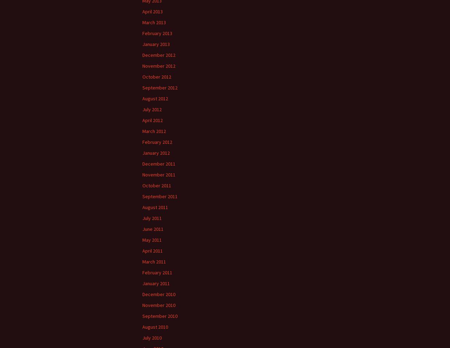 The height and width of the screenshot is (348, 450). What do you see at coordinates (158, 65) in the screenshot?
I see `'November 2012'` at bounding box center [158, 65].